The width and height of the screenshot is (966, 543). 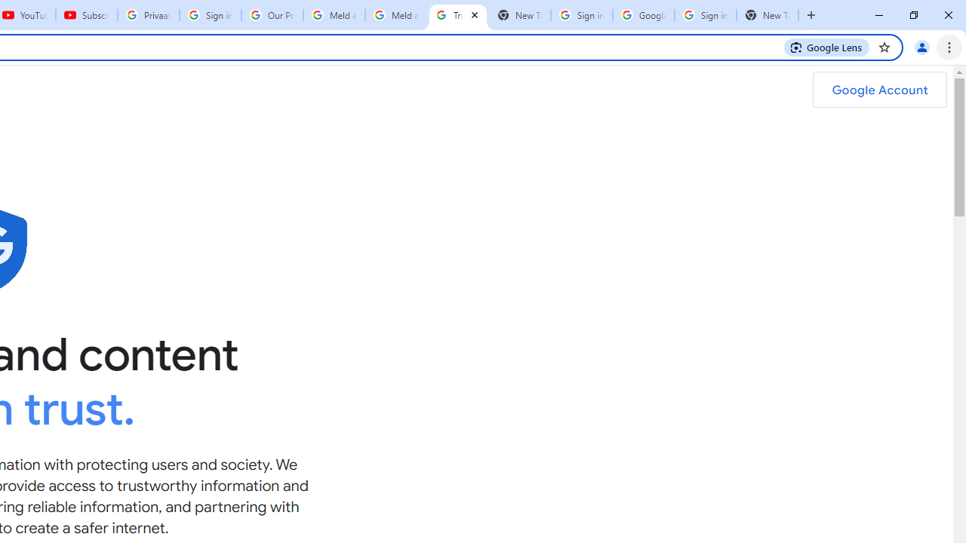 I want to click on 'Google Cybersecurity Innovations - Google Safety Center', so click(x=643, y=15).